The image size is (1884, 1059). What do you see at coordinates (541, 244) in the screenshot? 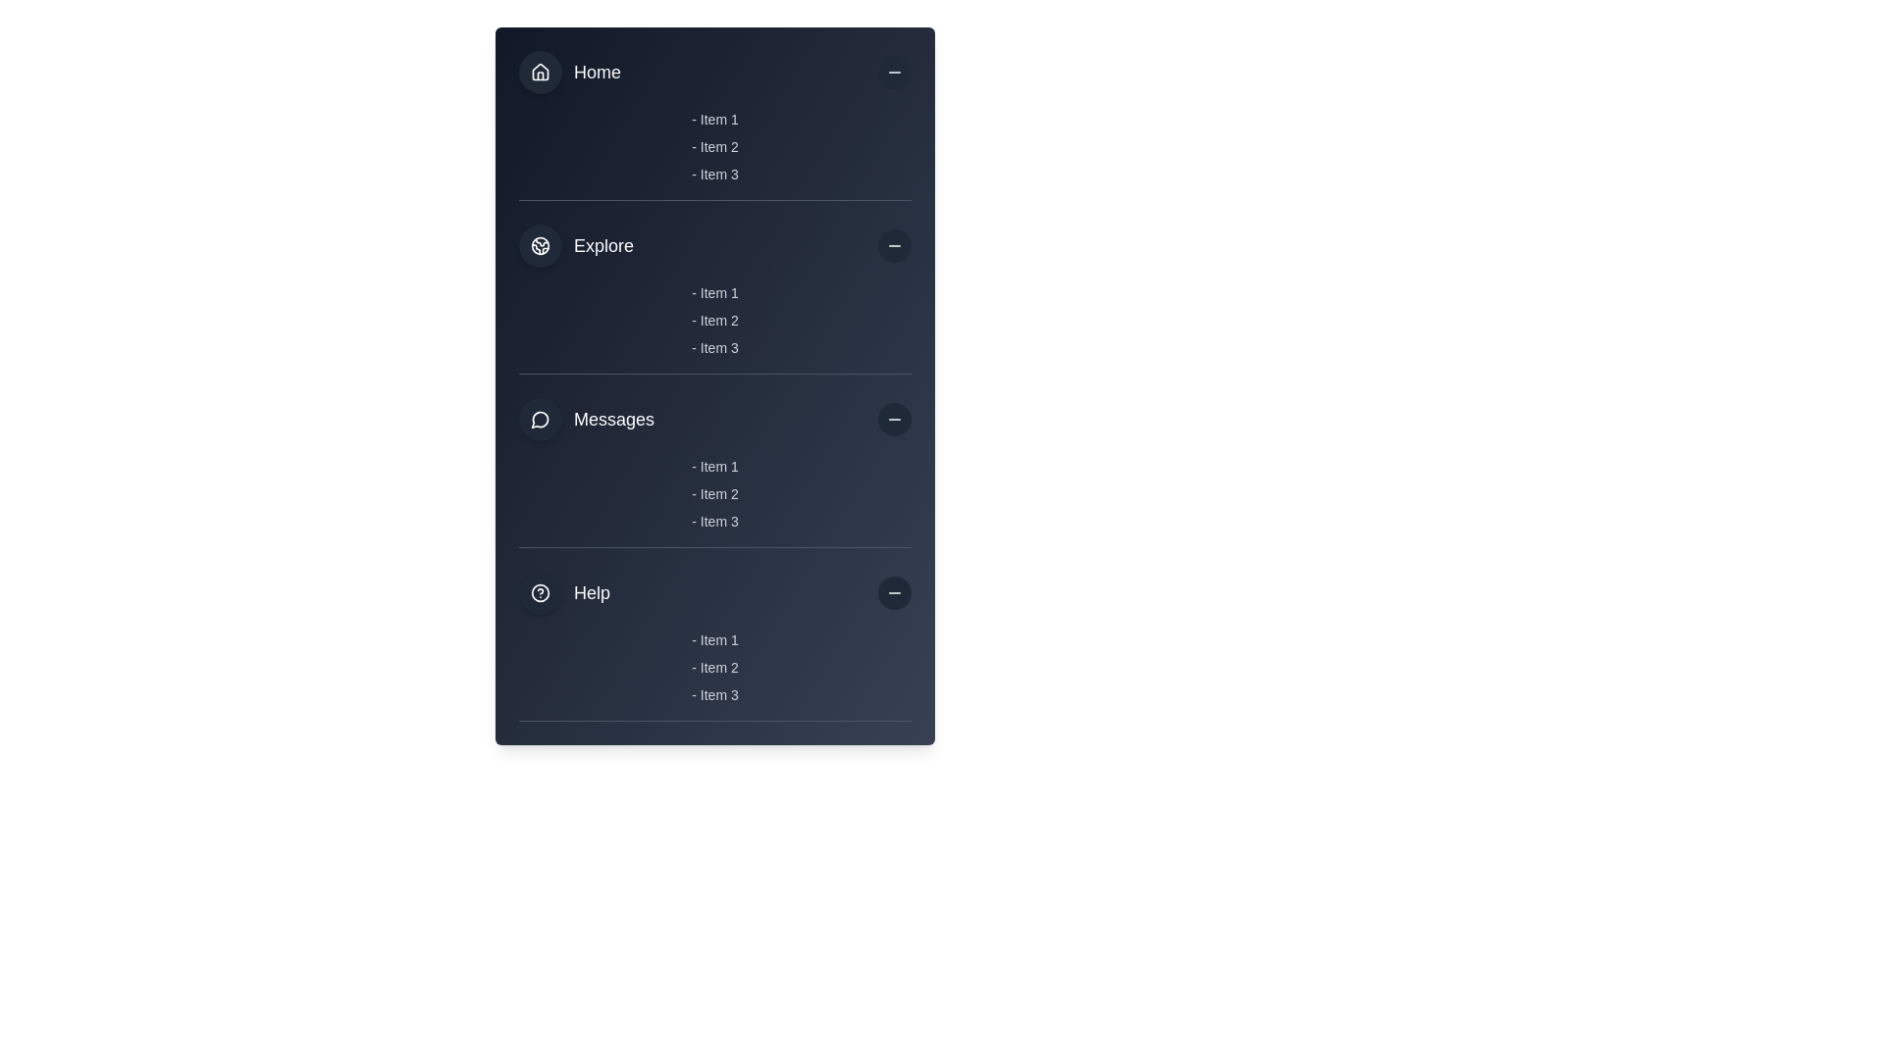
I see `the globe icon in the Explore section of the left-side navigation menu` at bounding box center [541, 244].